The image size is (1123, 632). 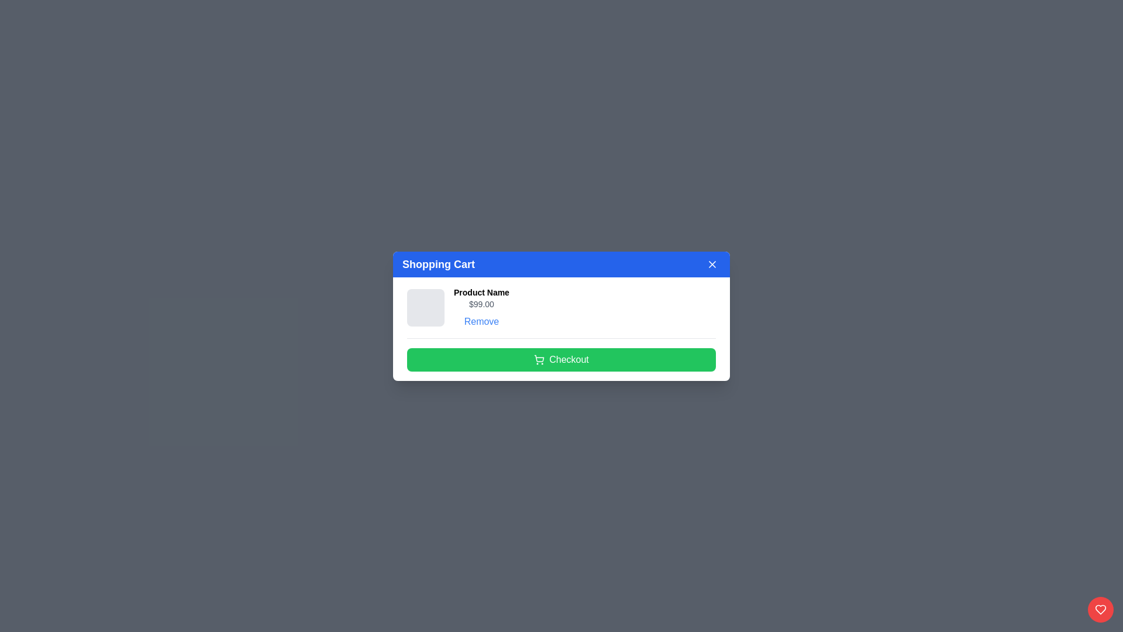 What do you see at coordinates (712, 264) in the screenshot?
I see `the small 'X' icon button in the top-right corner of the 'Shopping Cart' modal to activate its hover effects` at bounding box center [712, 264].